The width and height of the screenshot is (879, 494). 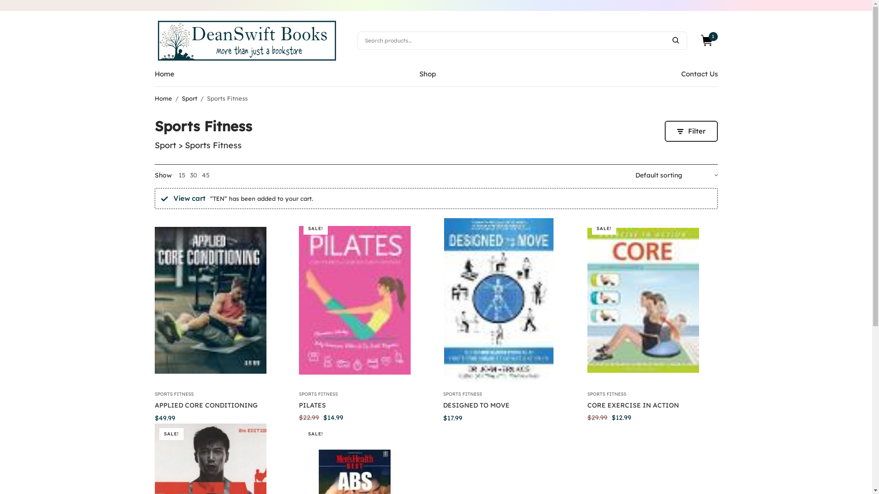 I want to click on 'Sport', so click(x=188, y=98).